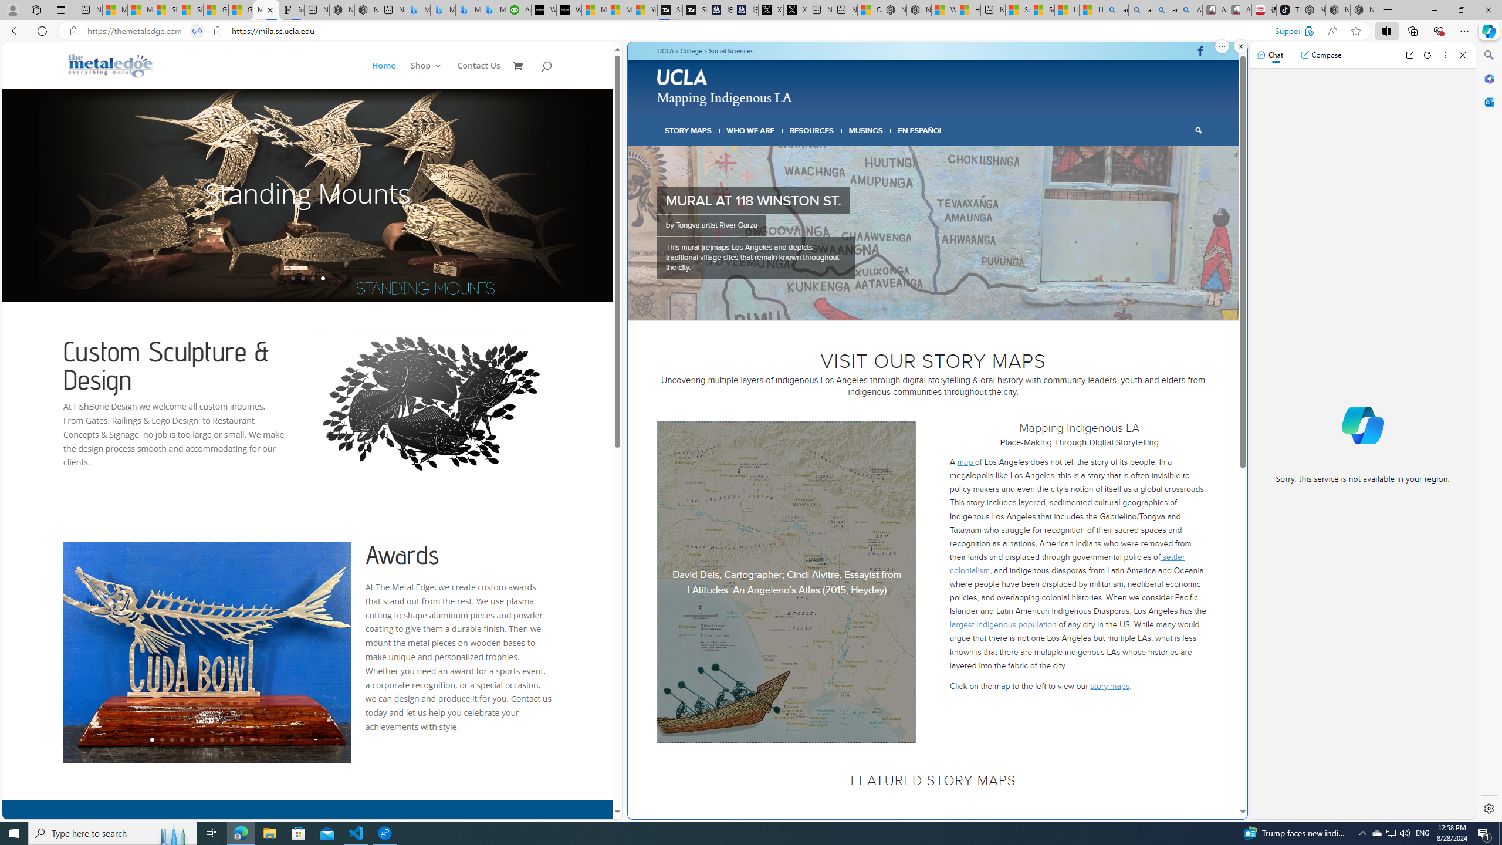  I want to click on 'Customize', so click(1487, 139).